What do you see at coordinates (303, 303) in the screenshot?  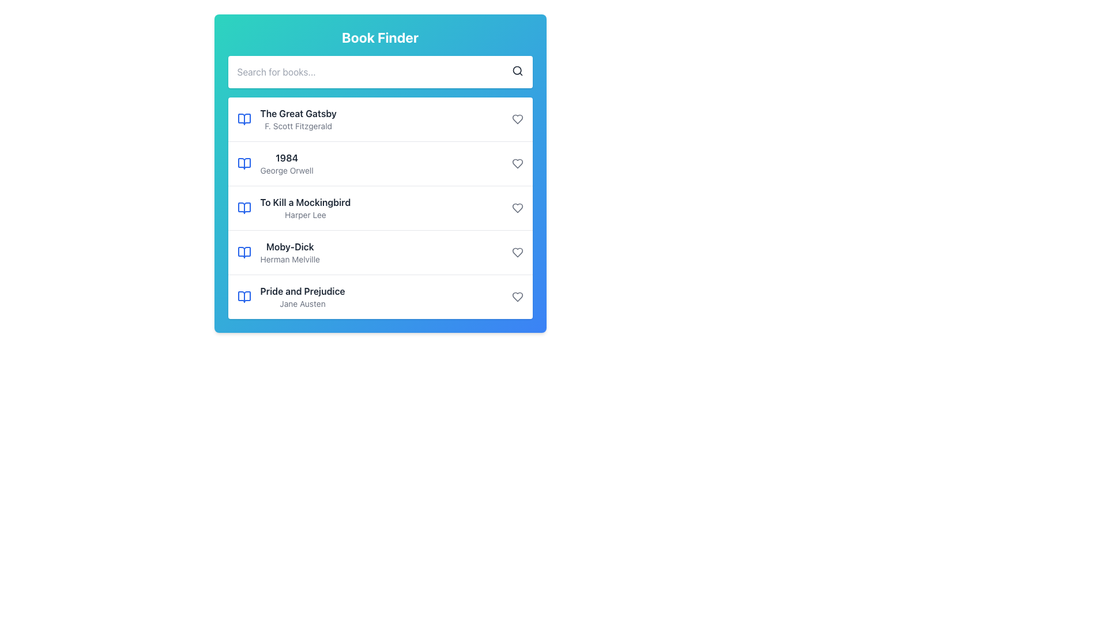 I see `the text label displaying 'Jane Austen', which is styled in light gray and positioned below the book title 'Pride and Prejudice'` at bounding box center [303, 303].